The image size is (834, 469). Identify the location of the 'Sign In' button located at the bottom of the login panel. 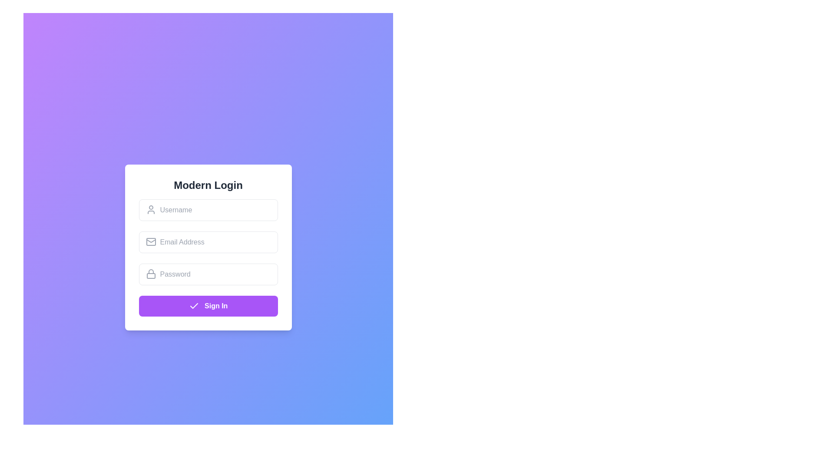
(208, 306).